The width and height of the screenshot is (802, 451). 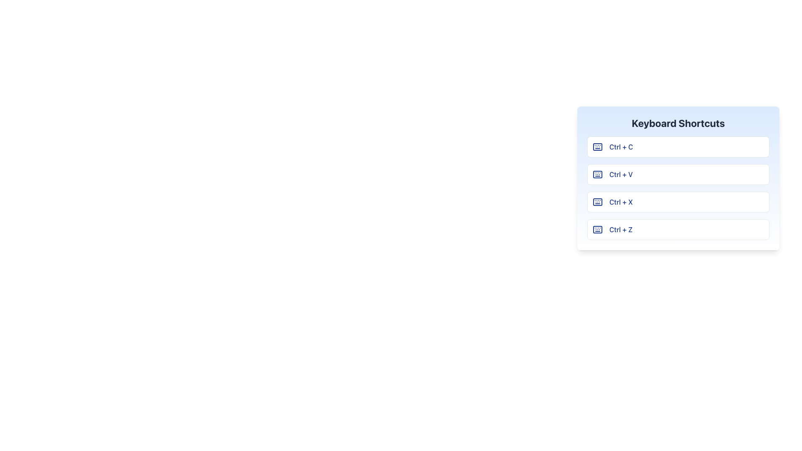 I want to click on the keyboard icon located to the left of the text 'Ctrl + V', which features a rectangular outline and small key-like shapes styled in blue, so click(x=597, y=174).